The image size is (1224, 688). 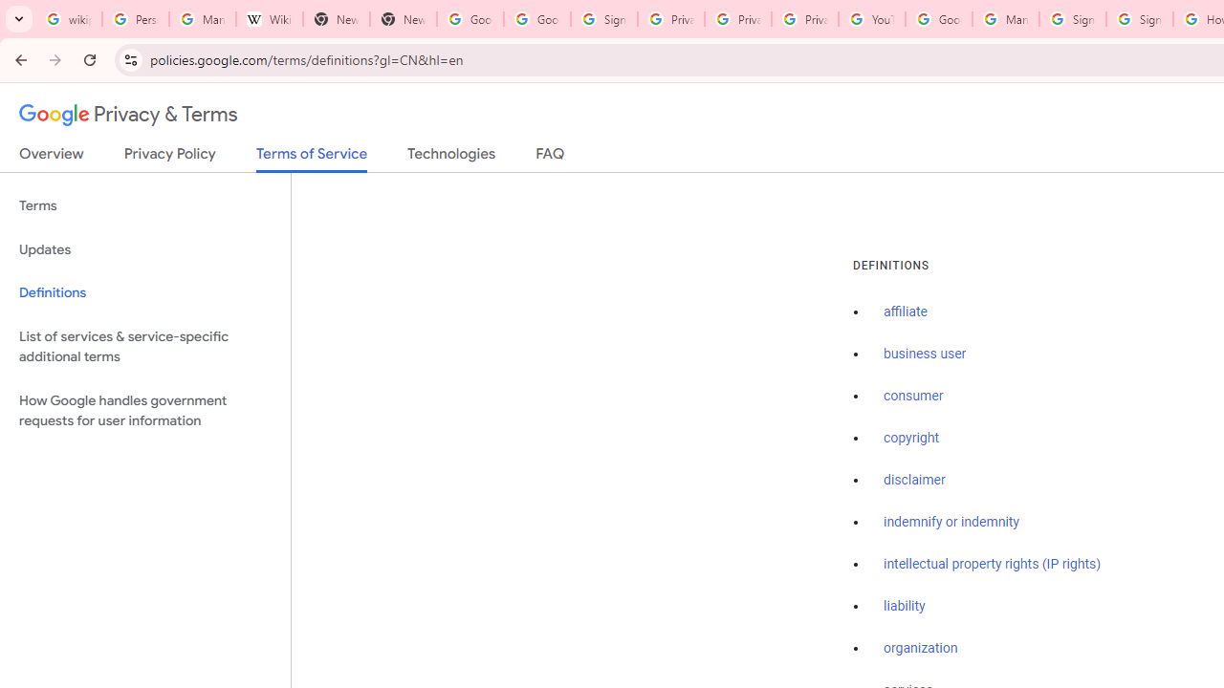 I want to click on 'Sign in - Google Accounts', so click(x=602, y=19).